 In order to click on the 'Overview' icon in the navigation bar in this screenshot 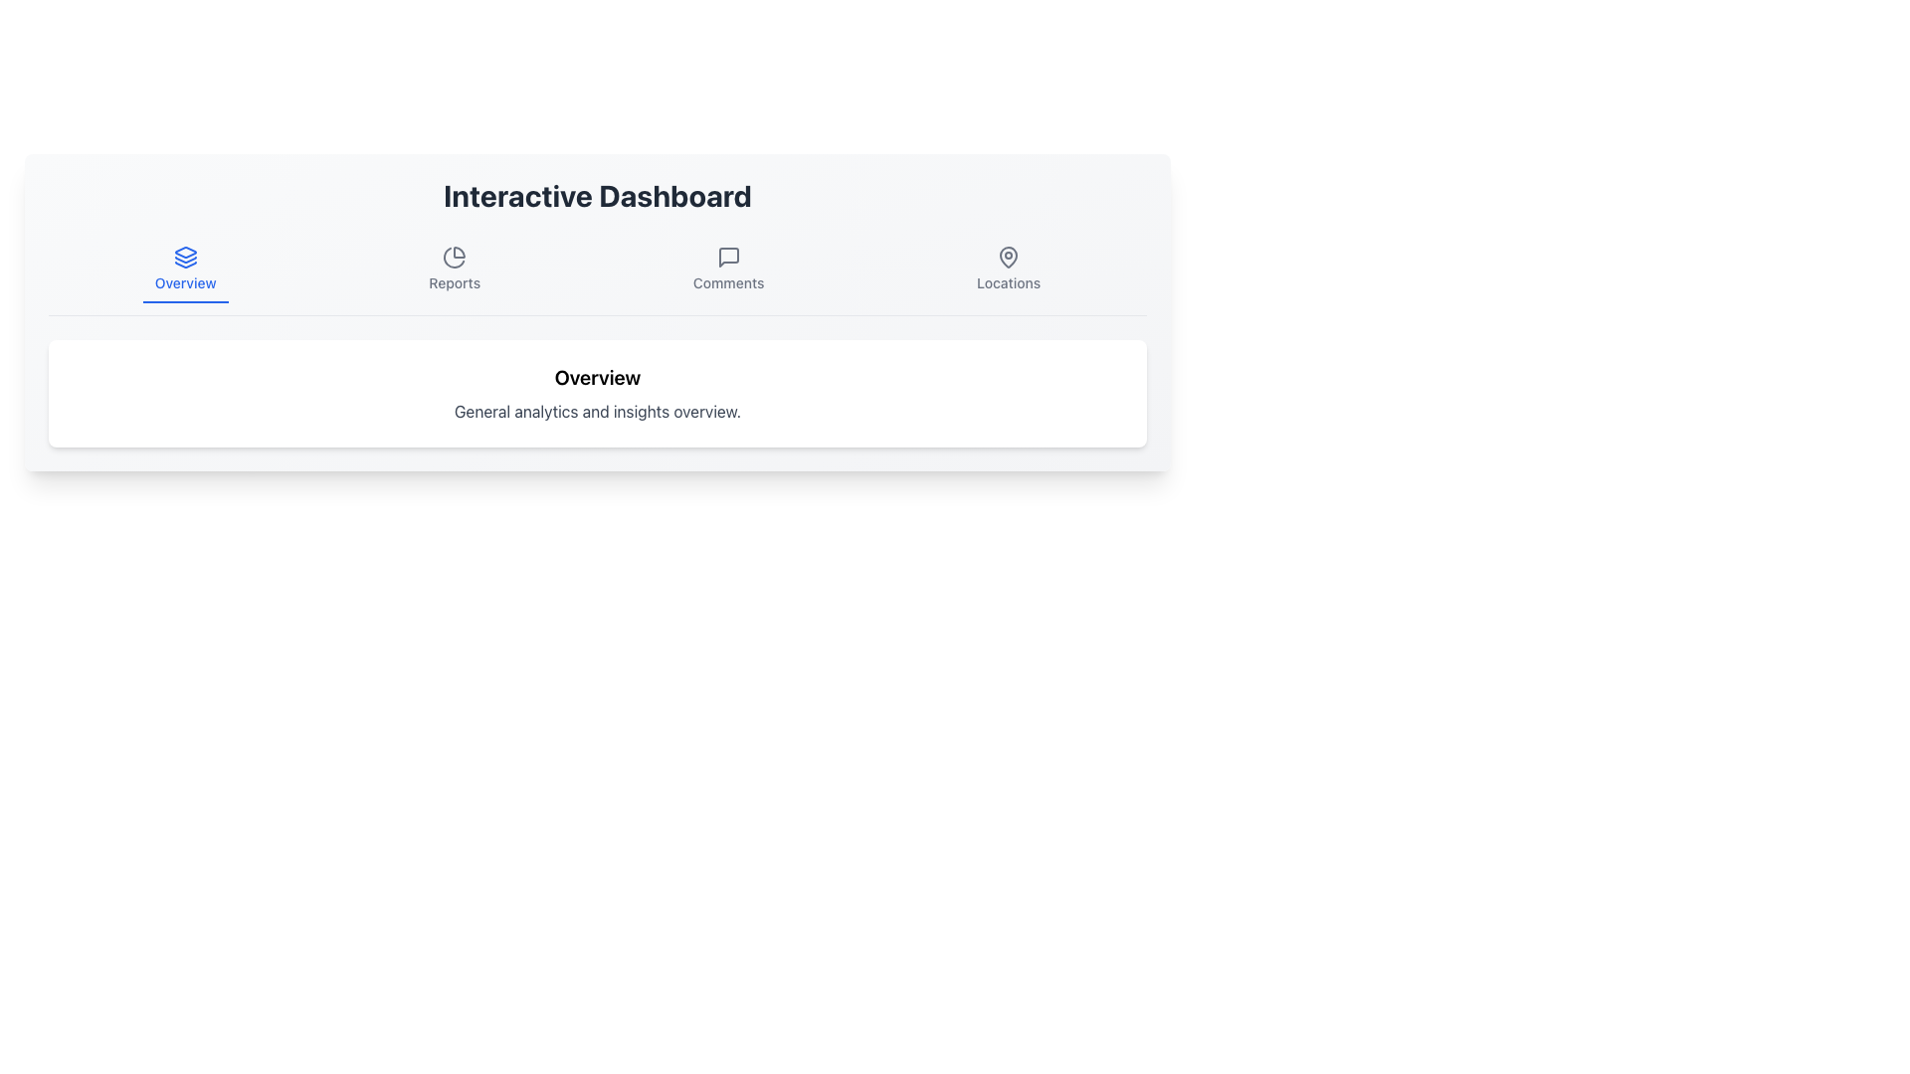, I will do `click(185, 256)`.